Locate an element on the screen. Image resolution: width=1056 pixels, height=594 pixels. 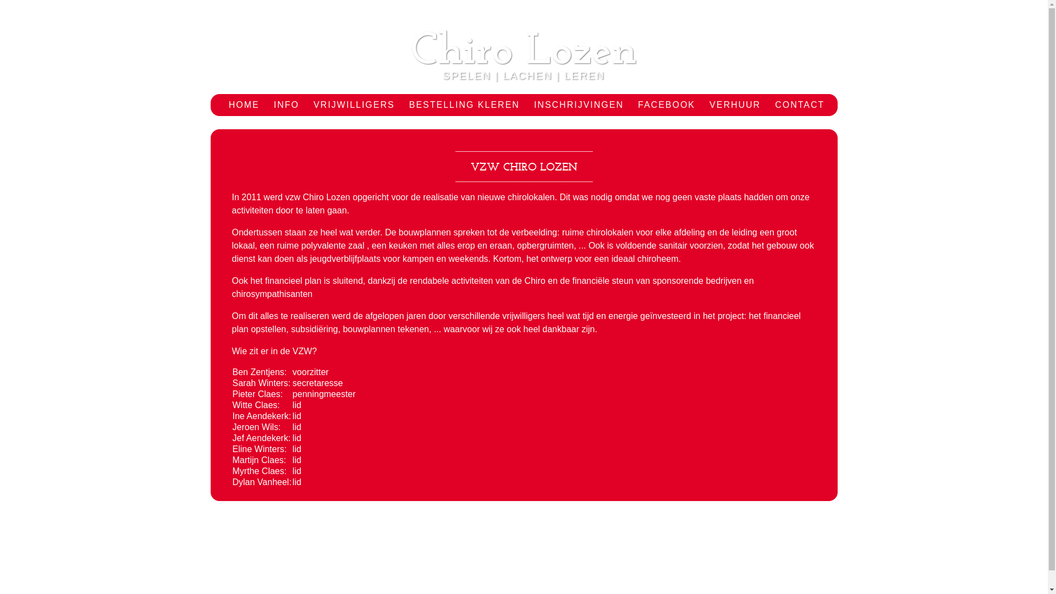
'BESTELLING KLEREN' is located at coordinates (464, 105).